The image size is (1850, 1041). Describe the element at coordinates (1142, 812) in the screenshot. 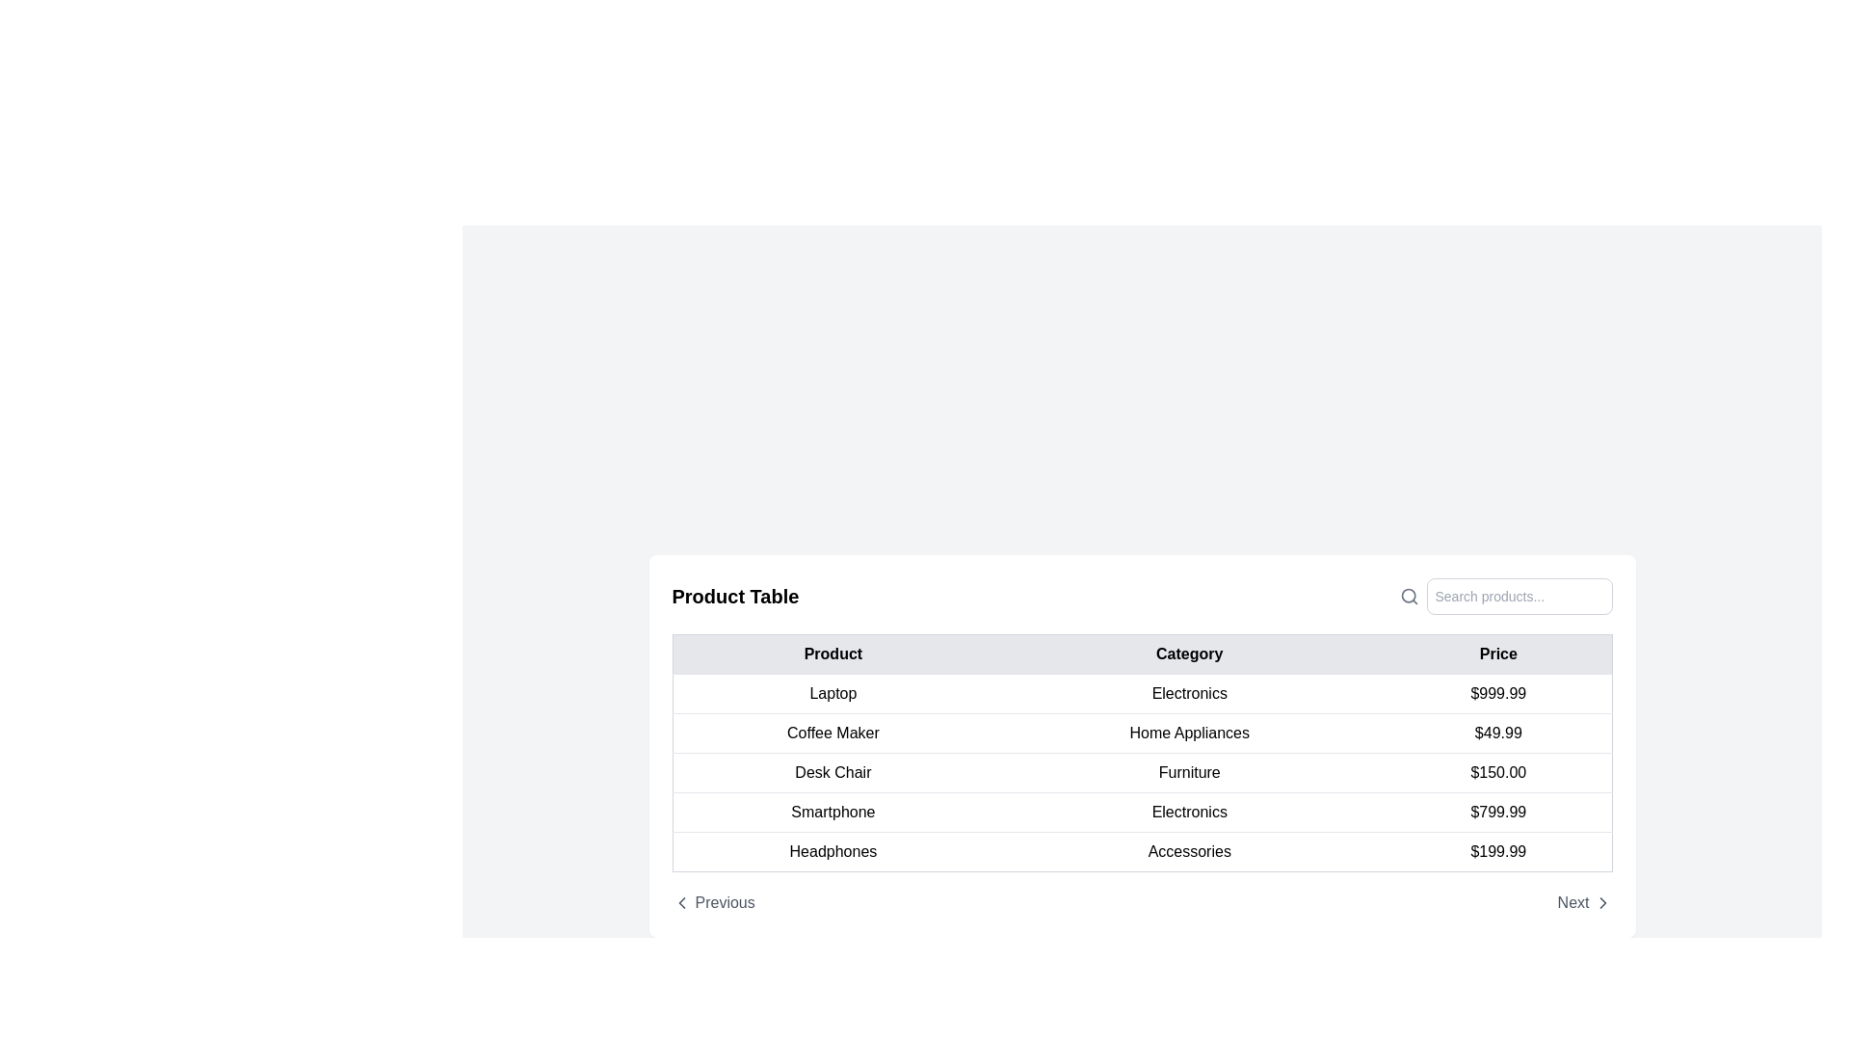

I see `the fourth row of the product table displaying 'Smartphone' in the 'Product' column, 'Electronics' in the 'Category' column, and '$799.99' in the 'Price' column` at that location.